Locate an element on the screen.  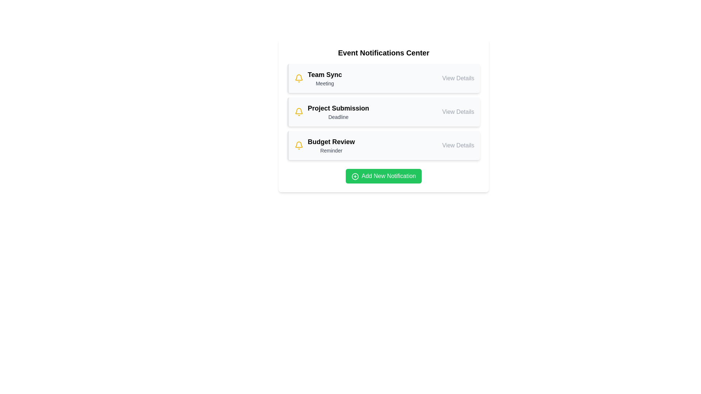
the static text label that indicates the notification type as 'Deadline', located at the bottom of the 'Project Submission' notification block is located at coordinates (338, 116).